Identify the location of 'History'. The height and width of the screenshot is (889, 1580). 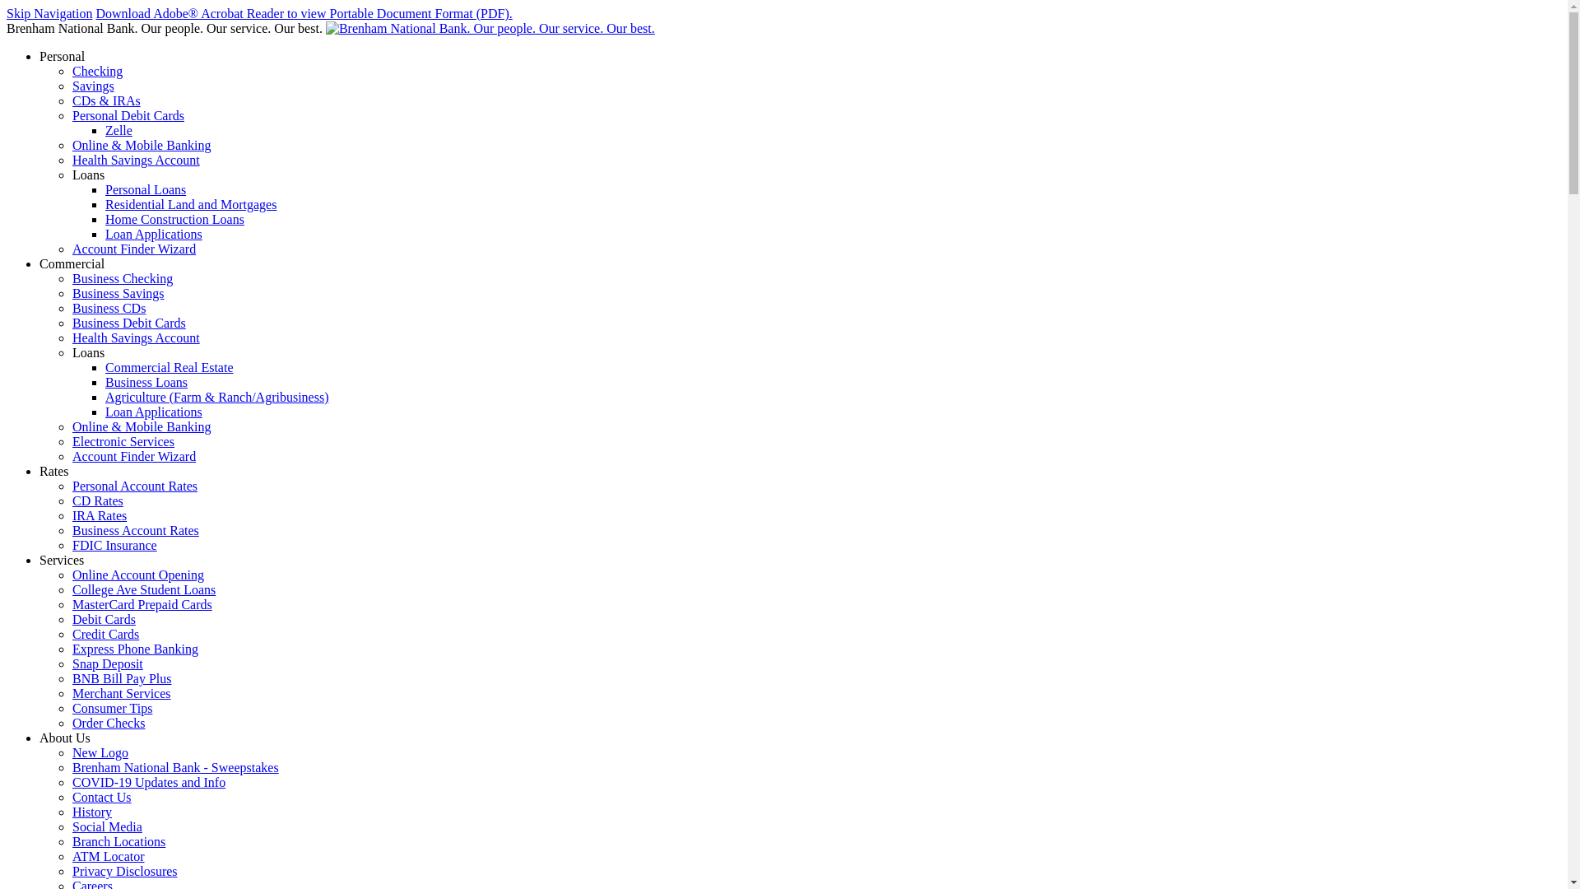
(91, 811).